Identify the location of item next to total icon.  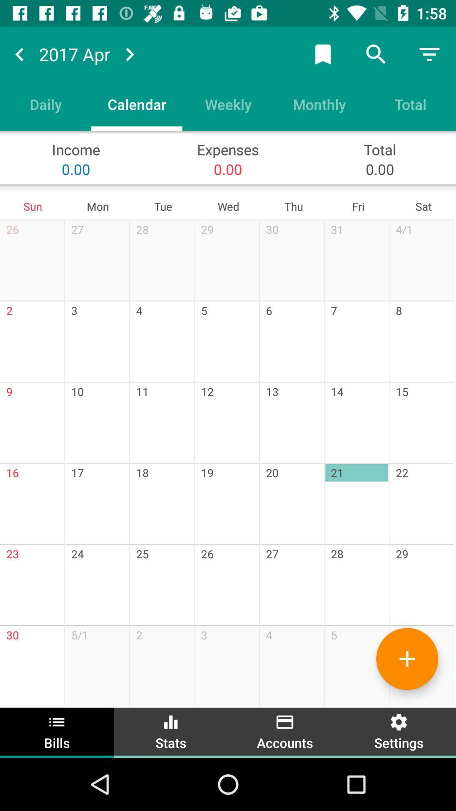
(319, 103).